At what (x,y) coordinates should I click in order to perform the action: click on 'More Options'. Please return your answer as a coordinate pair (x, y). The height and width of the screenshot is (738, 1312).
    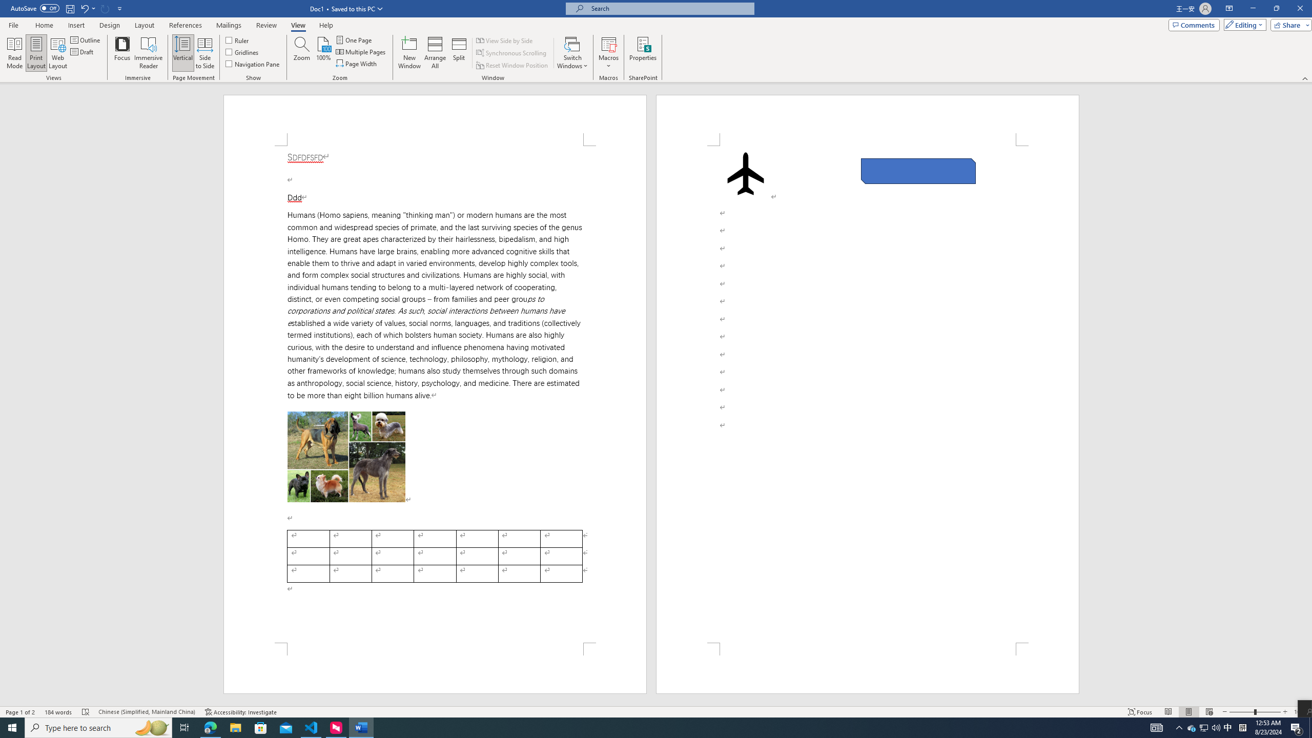
    Looking at the image, I should click on (608, 61).